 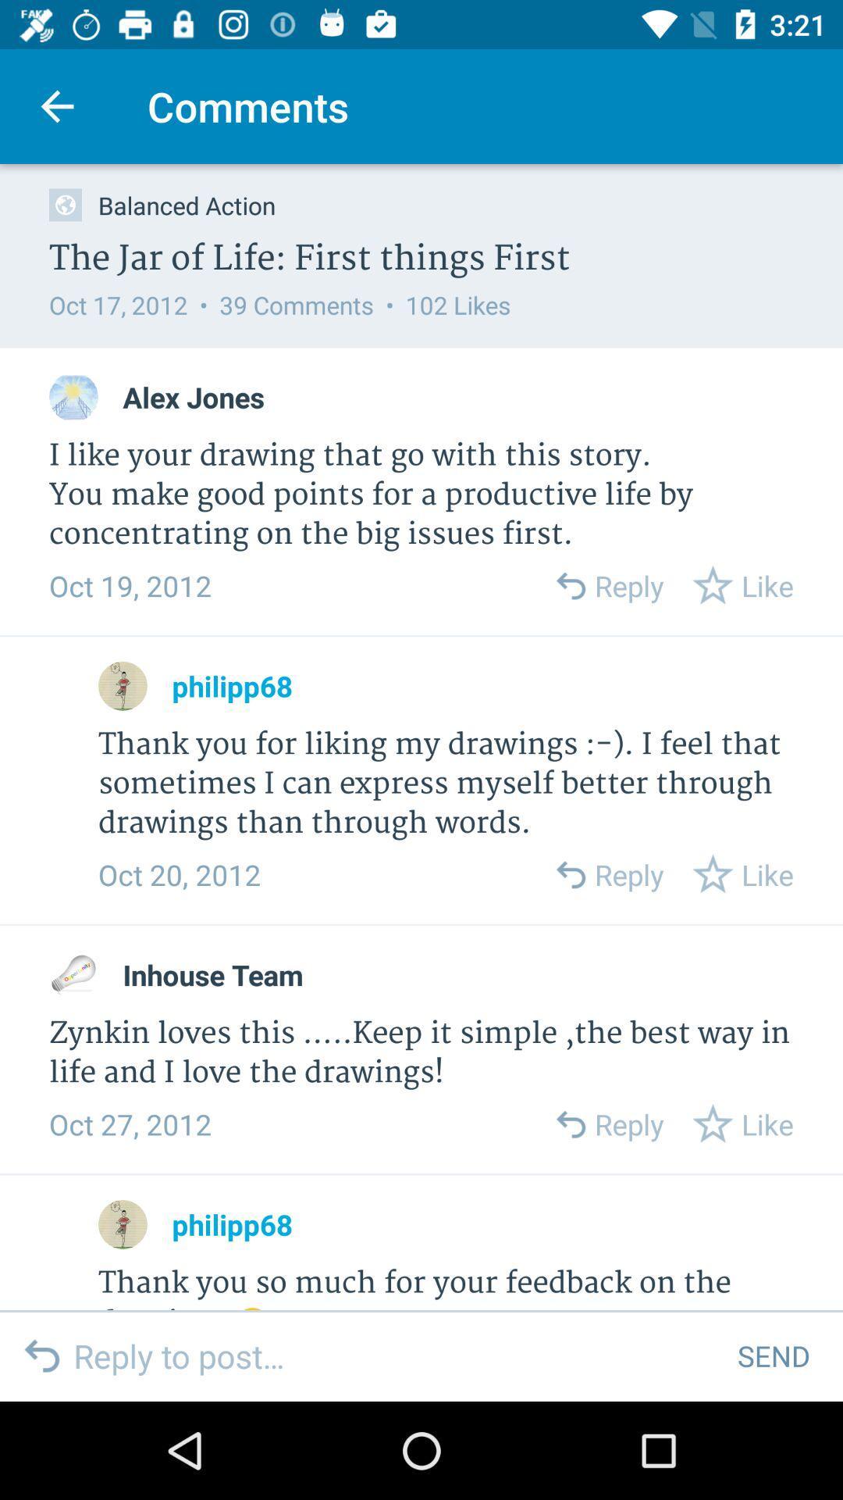 I want to click on avatar, so click(x=73, y=397).